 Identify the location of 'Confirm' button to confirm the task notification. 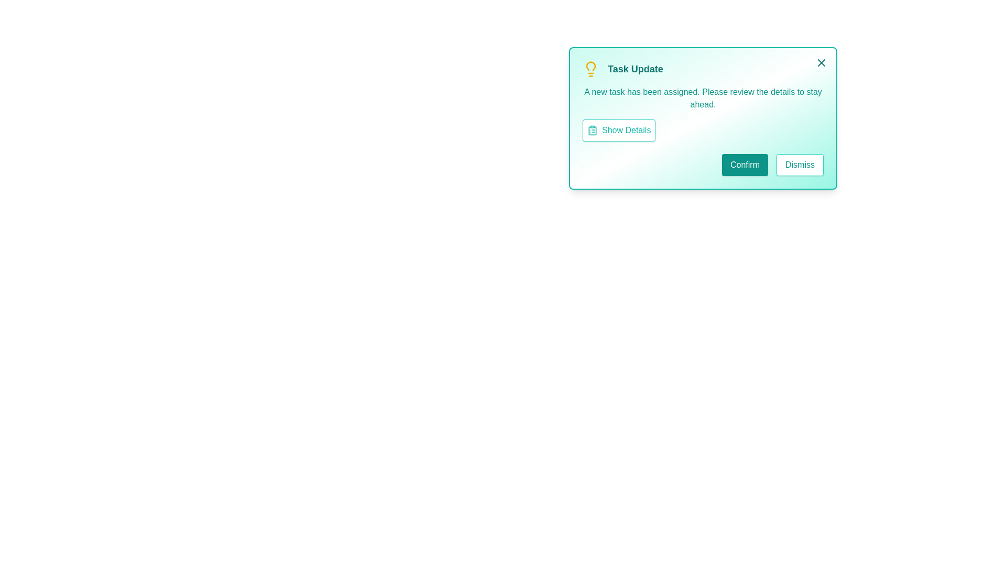
(744, 165).